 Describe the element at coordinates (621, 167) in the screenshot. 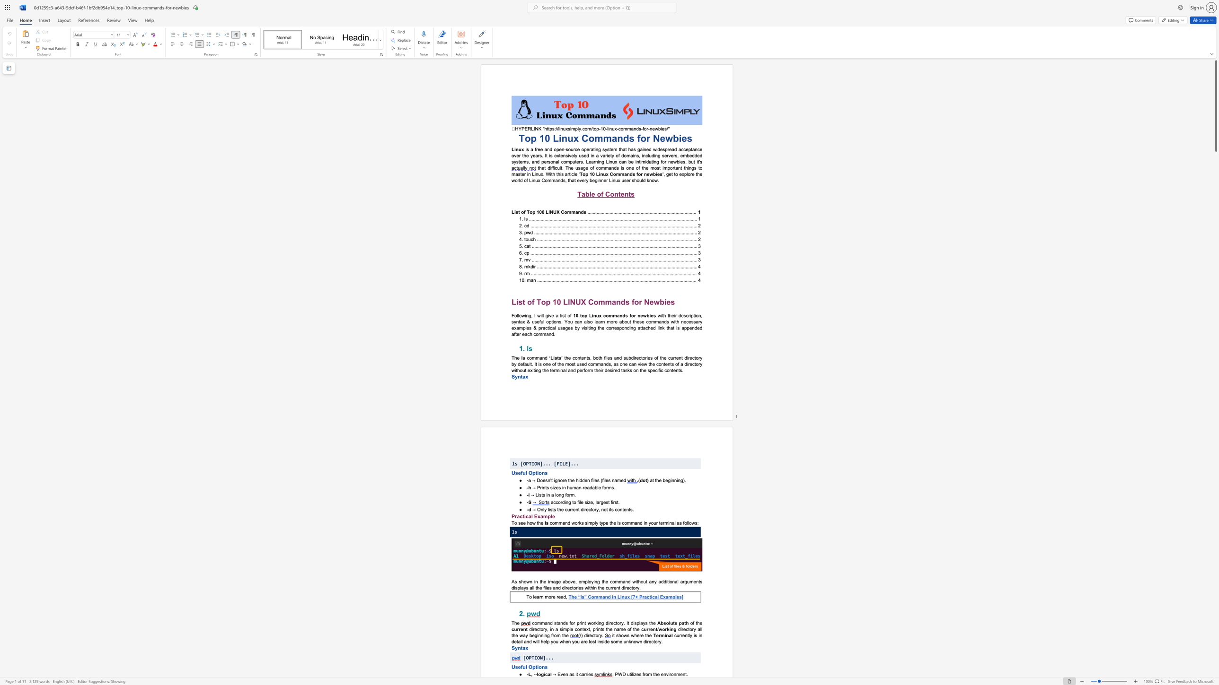

I see `the 1th character "i" in the text` at that location.